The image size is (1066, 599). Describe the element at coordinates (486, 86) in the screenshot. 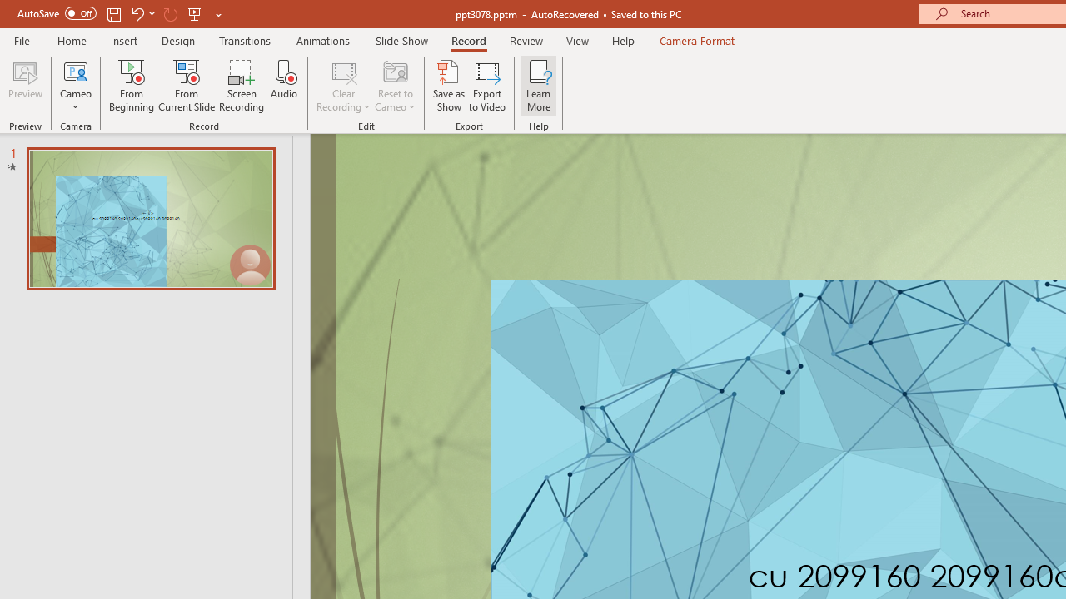

I see `'Export to Video'` at that location.